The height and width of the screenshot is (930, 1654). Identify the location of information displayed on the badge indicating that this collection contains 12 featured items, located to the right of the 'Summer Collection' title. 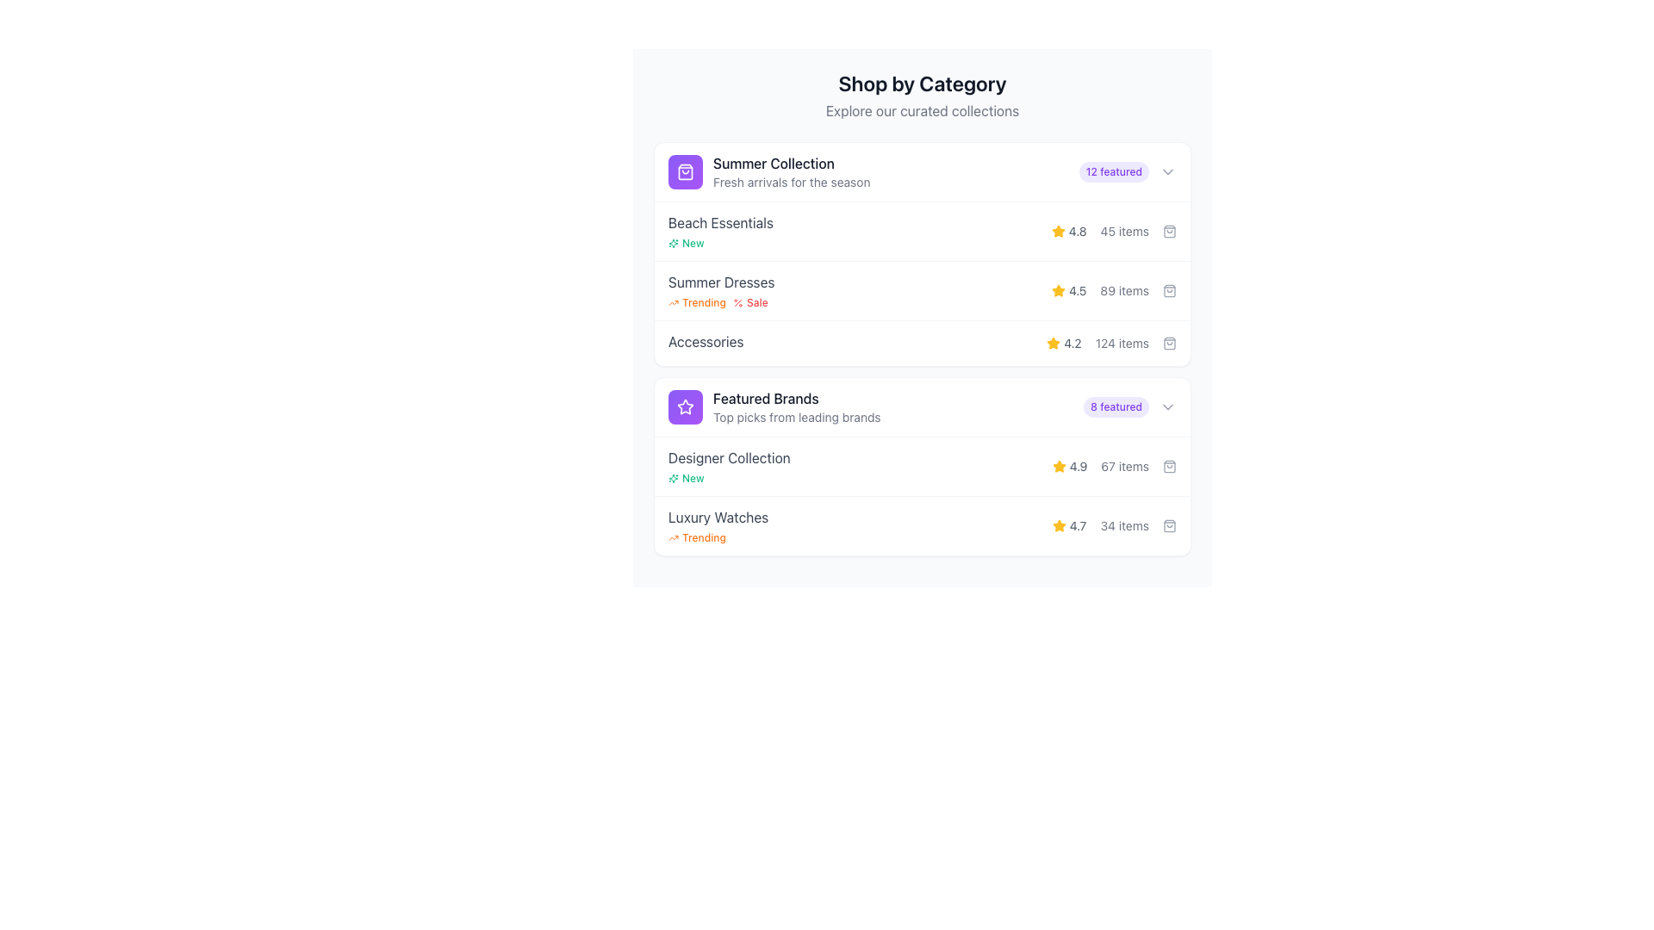
(1114, 172).